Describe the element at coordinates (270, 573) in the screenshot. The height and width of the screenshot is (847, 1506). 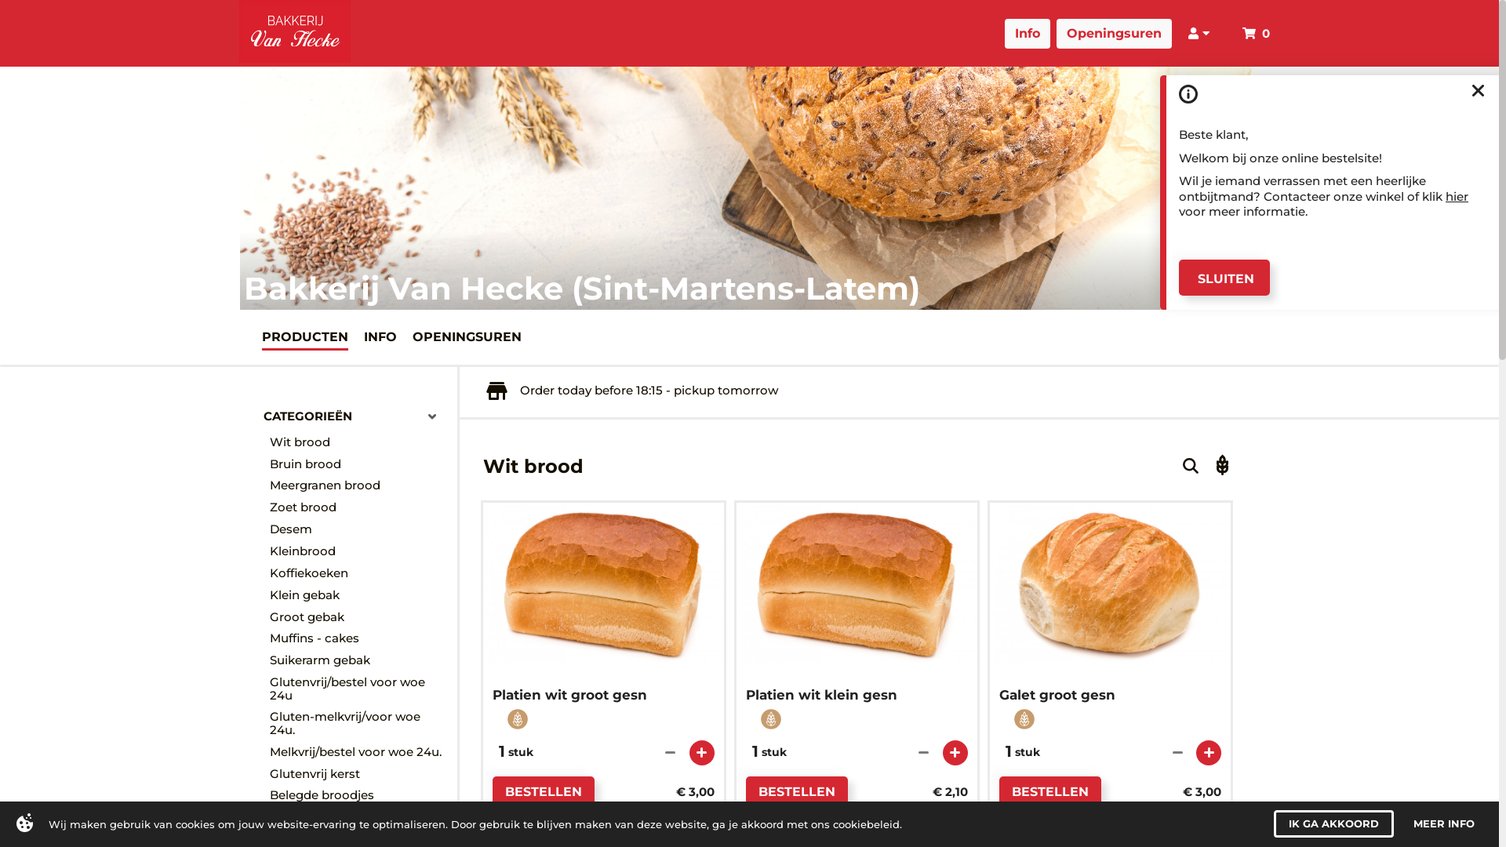
I see `'Koffiekoeken'` at that location.